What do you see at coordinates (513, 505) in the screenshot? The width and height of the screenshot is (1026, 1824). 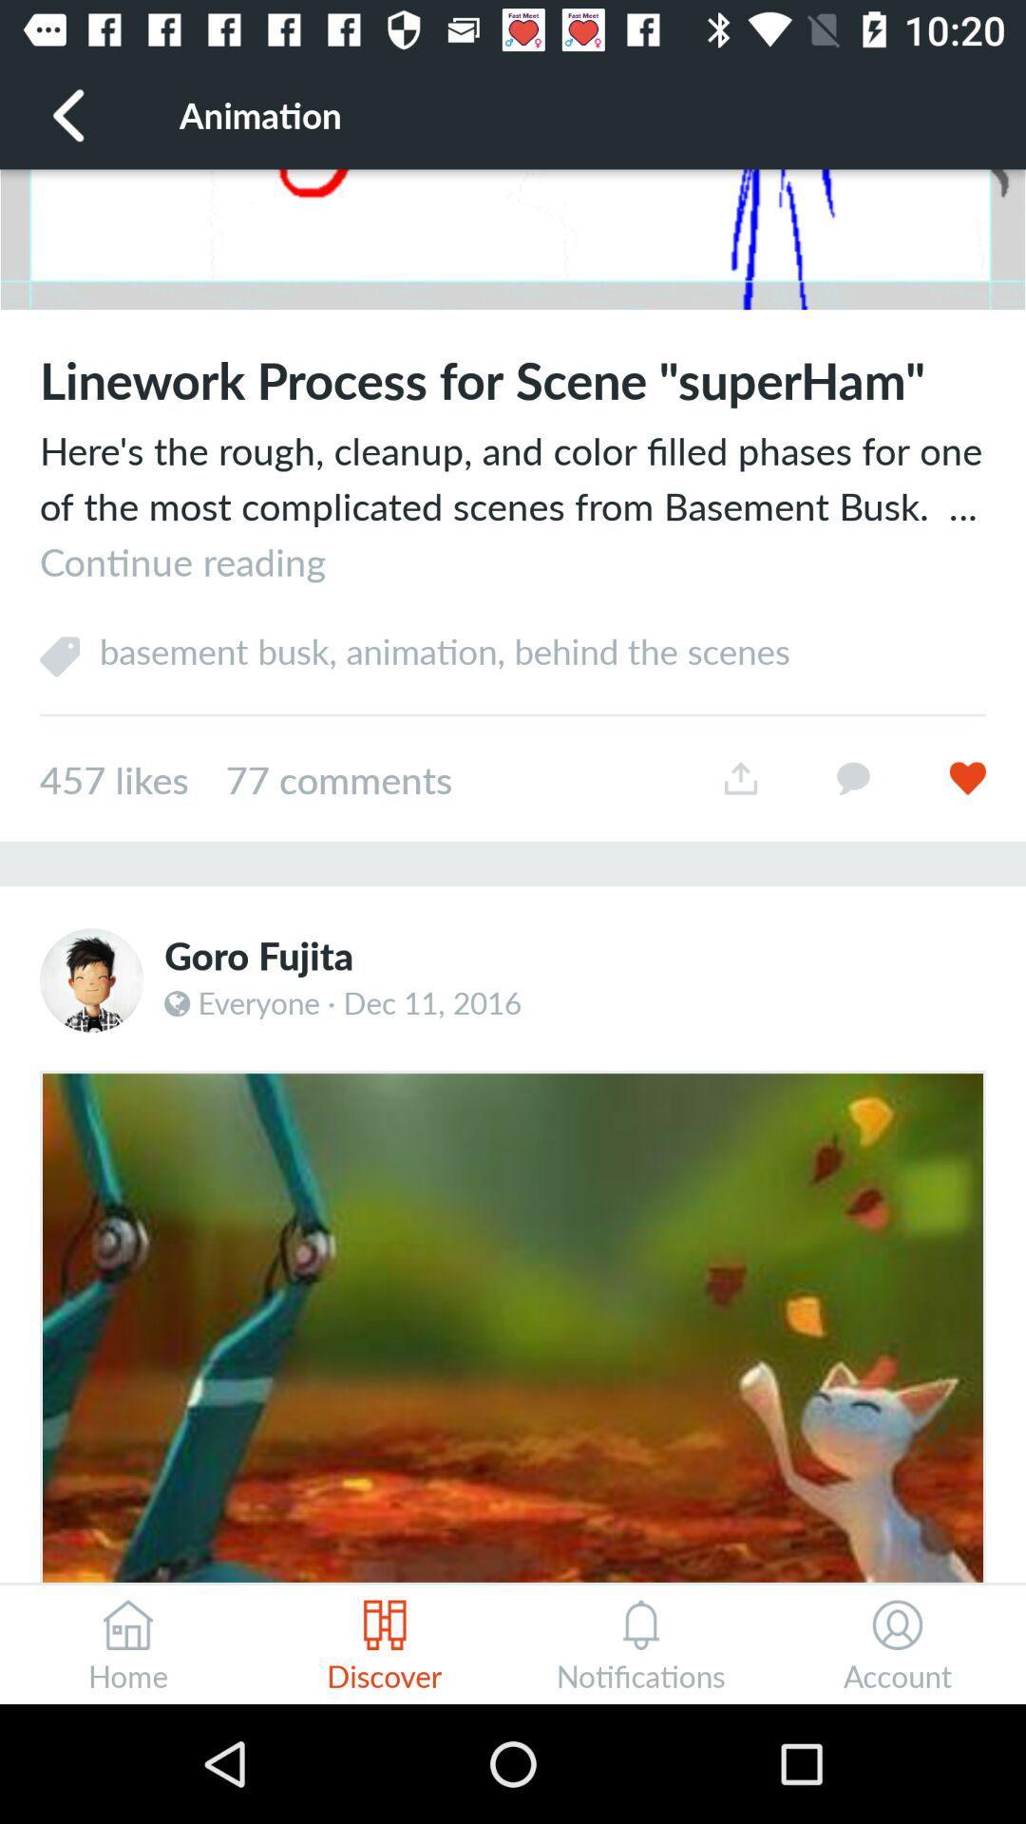 I see `the icon below linework process for icon` at bounding box center [513, 505].